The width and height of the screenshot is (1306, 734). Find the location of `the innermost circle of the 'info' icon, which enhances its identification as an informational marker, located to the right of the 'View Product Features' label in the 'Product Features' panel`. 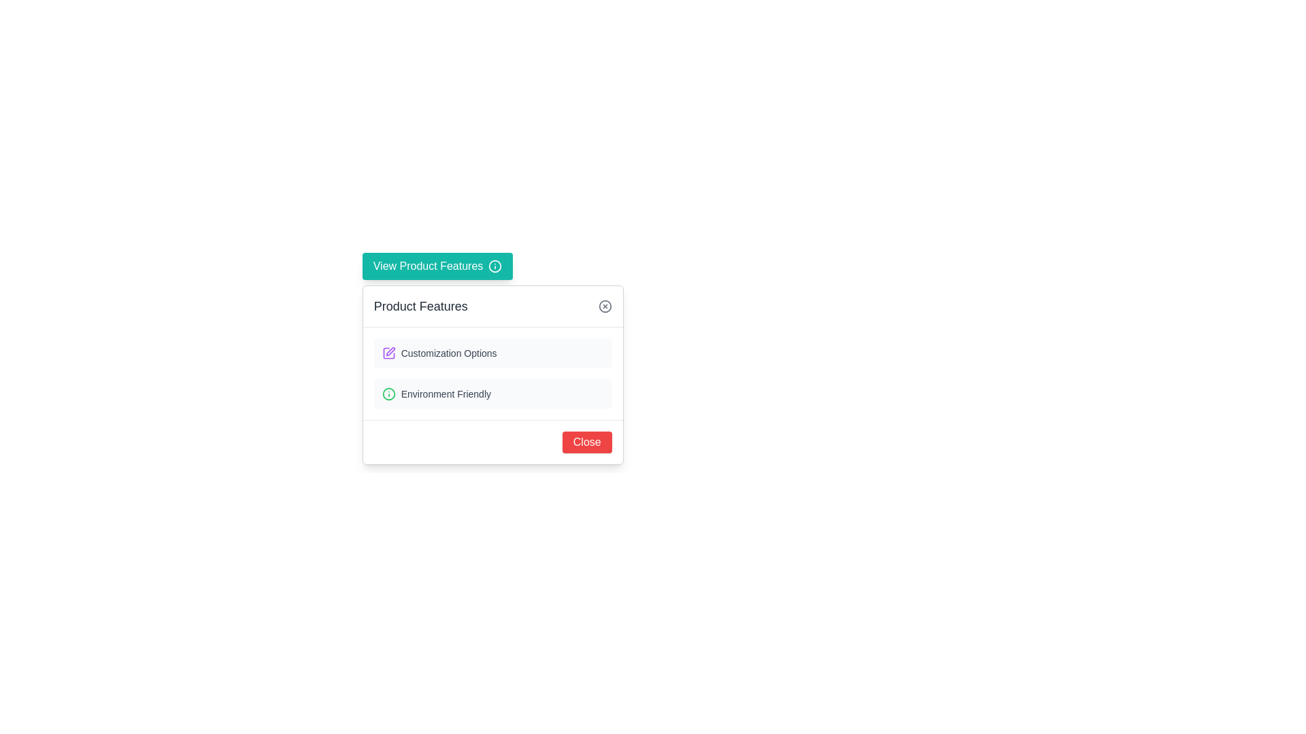

the innermost circle of the 'info' icon, which enhances its identification as an informational marker, located to the right of the 'View Product Features' label in the 'Product Features' panel is located at coordinates (495, 266).